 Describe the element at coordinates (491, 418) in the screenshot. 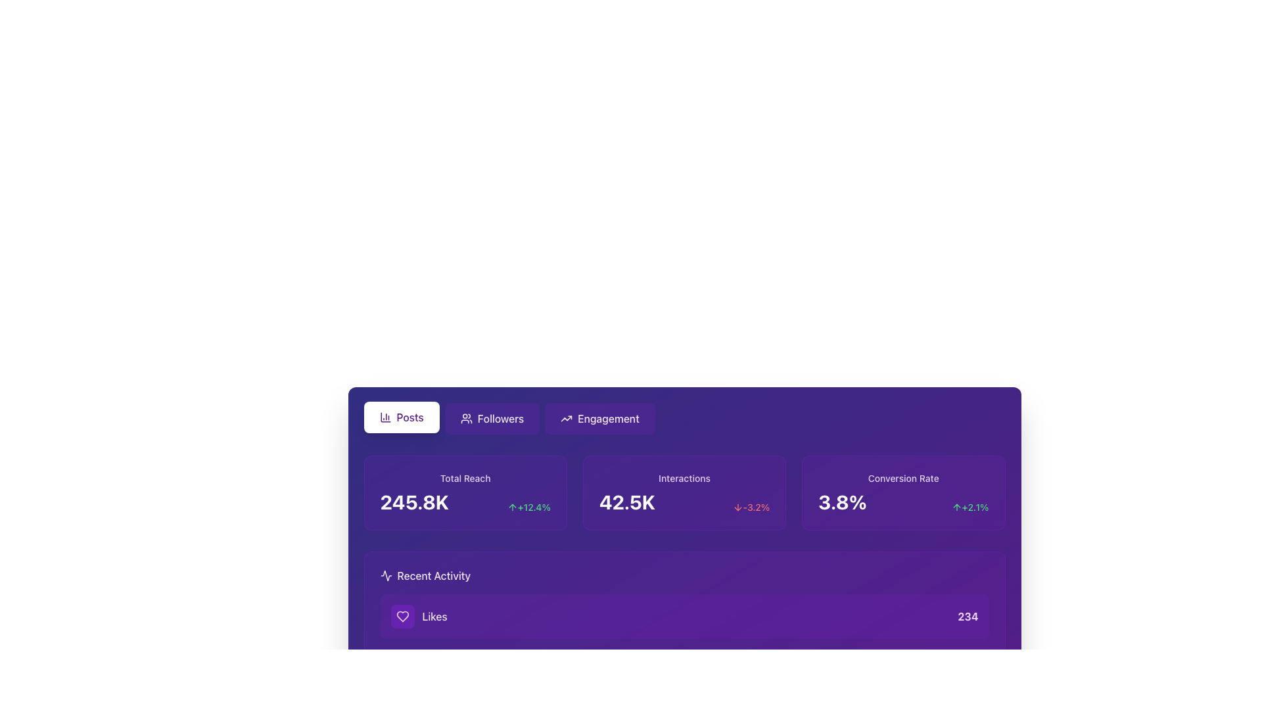

I see `the 'Followers' button` at that location.